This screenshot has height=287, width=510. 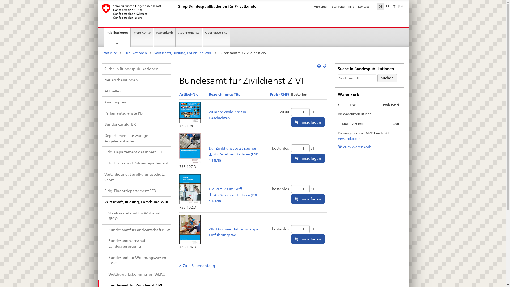 I want to click on 'Produktbild: E-ZIVI Alles im Griff', so click(x=190, y=189).